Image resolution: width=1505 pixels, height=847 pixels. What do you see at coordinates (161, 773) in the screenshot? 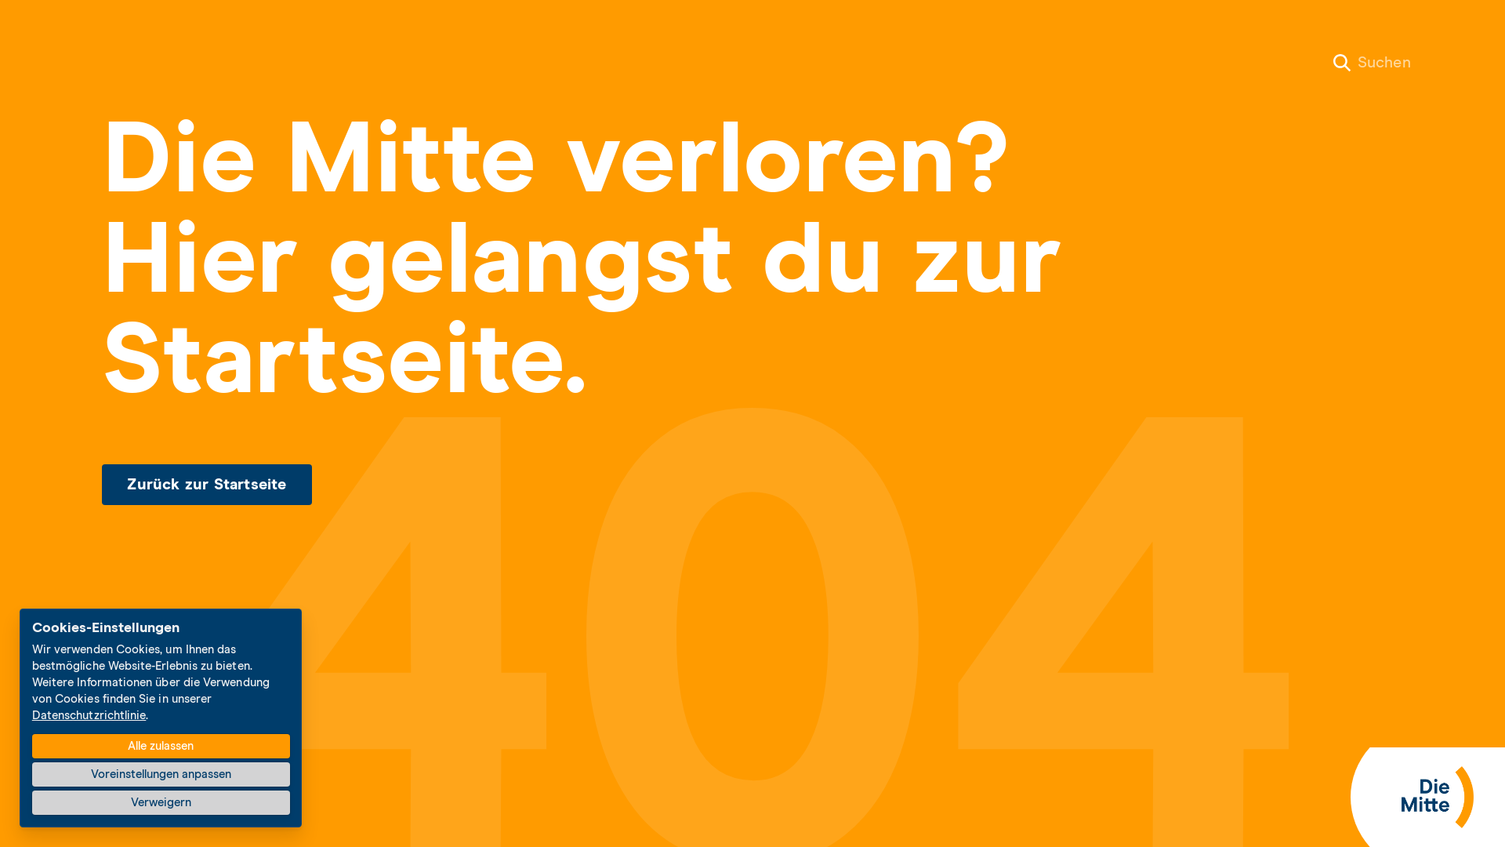
I see `'Voreinstellungen anpassen'` at bounding box center [161, 773].